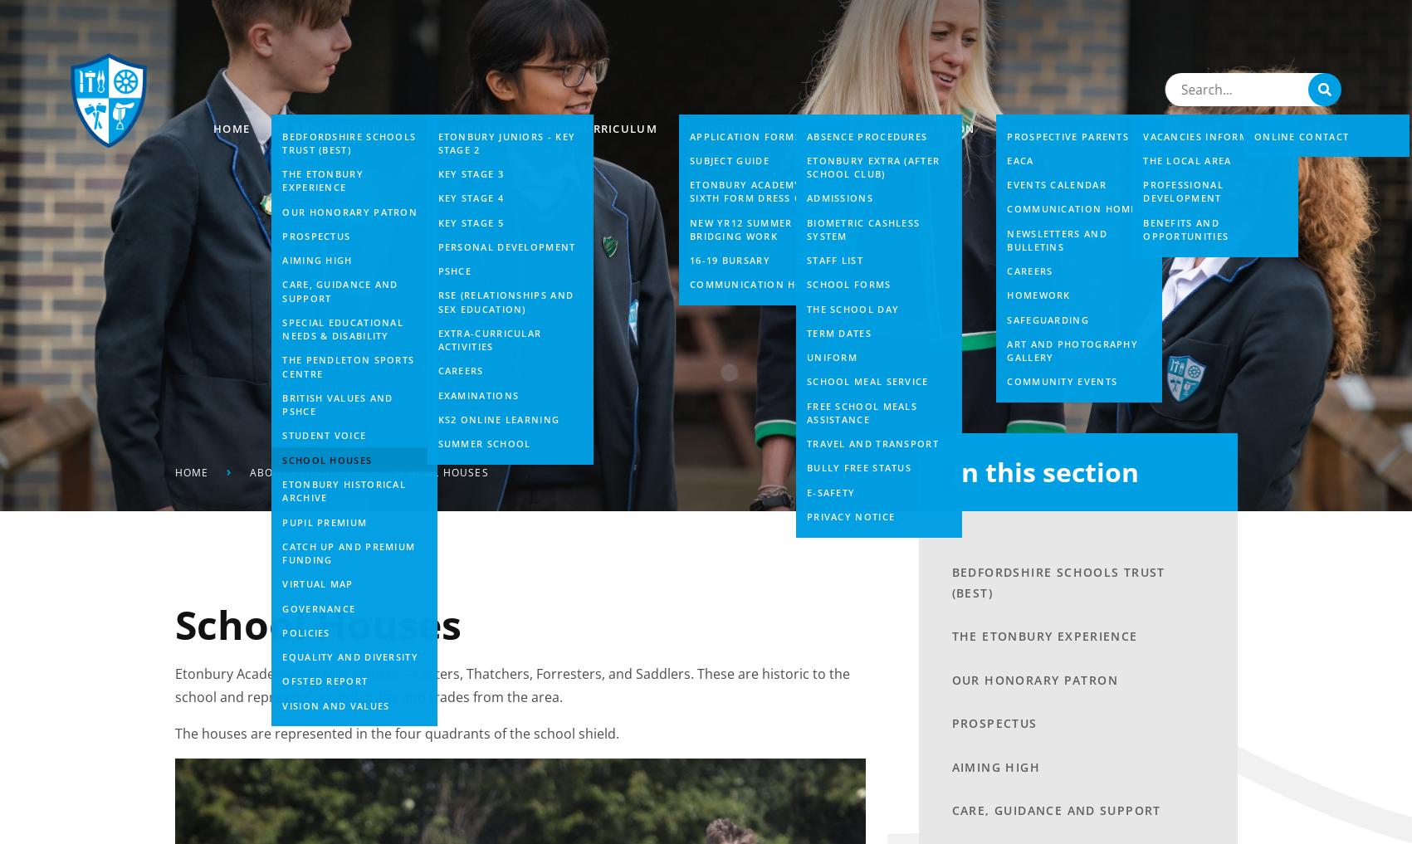 The width and height of the screenshot is (1412, 844). I want to click on 'Broad & inclusive curriculum', so click(551, 127).